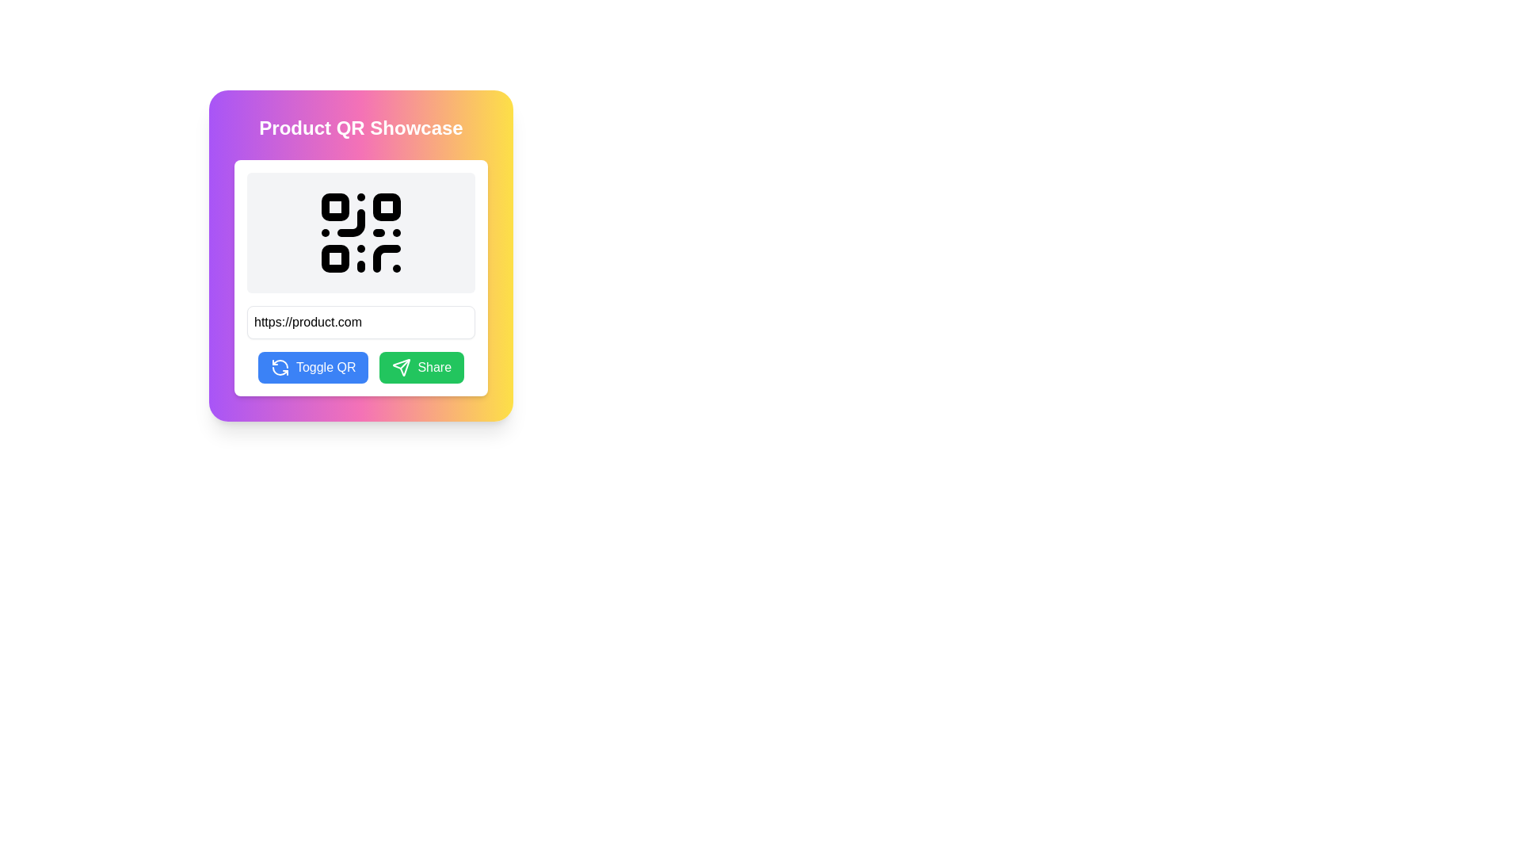  Describe the element at coordinates (402, 367) in the screenshot. I see `the 'Share' icon located in the bottom-right area of the 'Product QR Showcase' box for visual feedback` at that location.